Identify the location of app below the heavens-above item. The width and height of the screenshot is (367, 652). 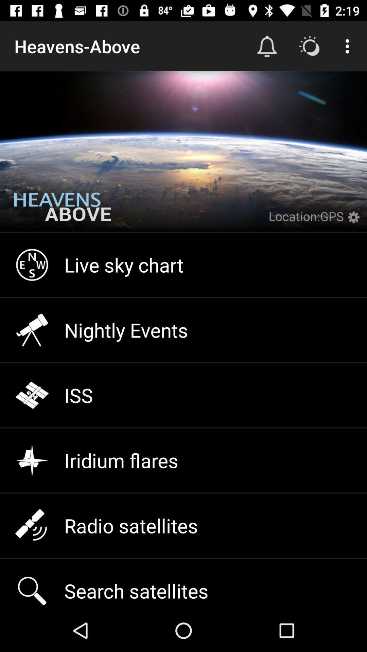
(63, 212).